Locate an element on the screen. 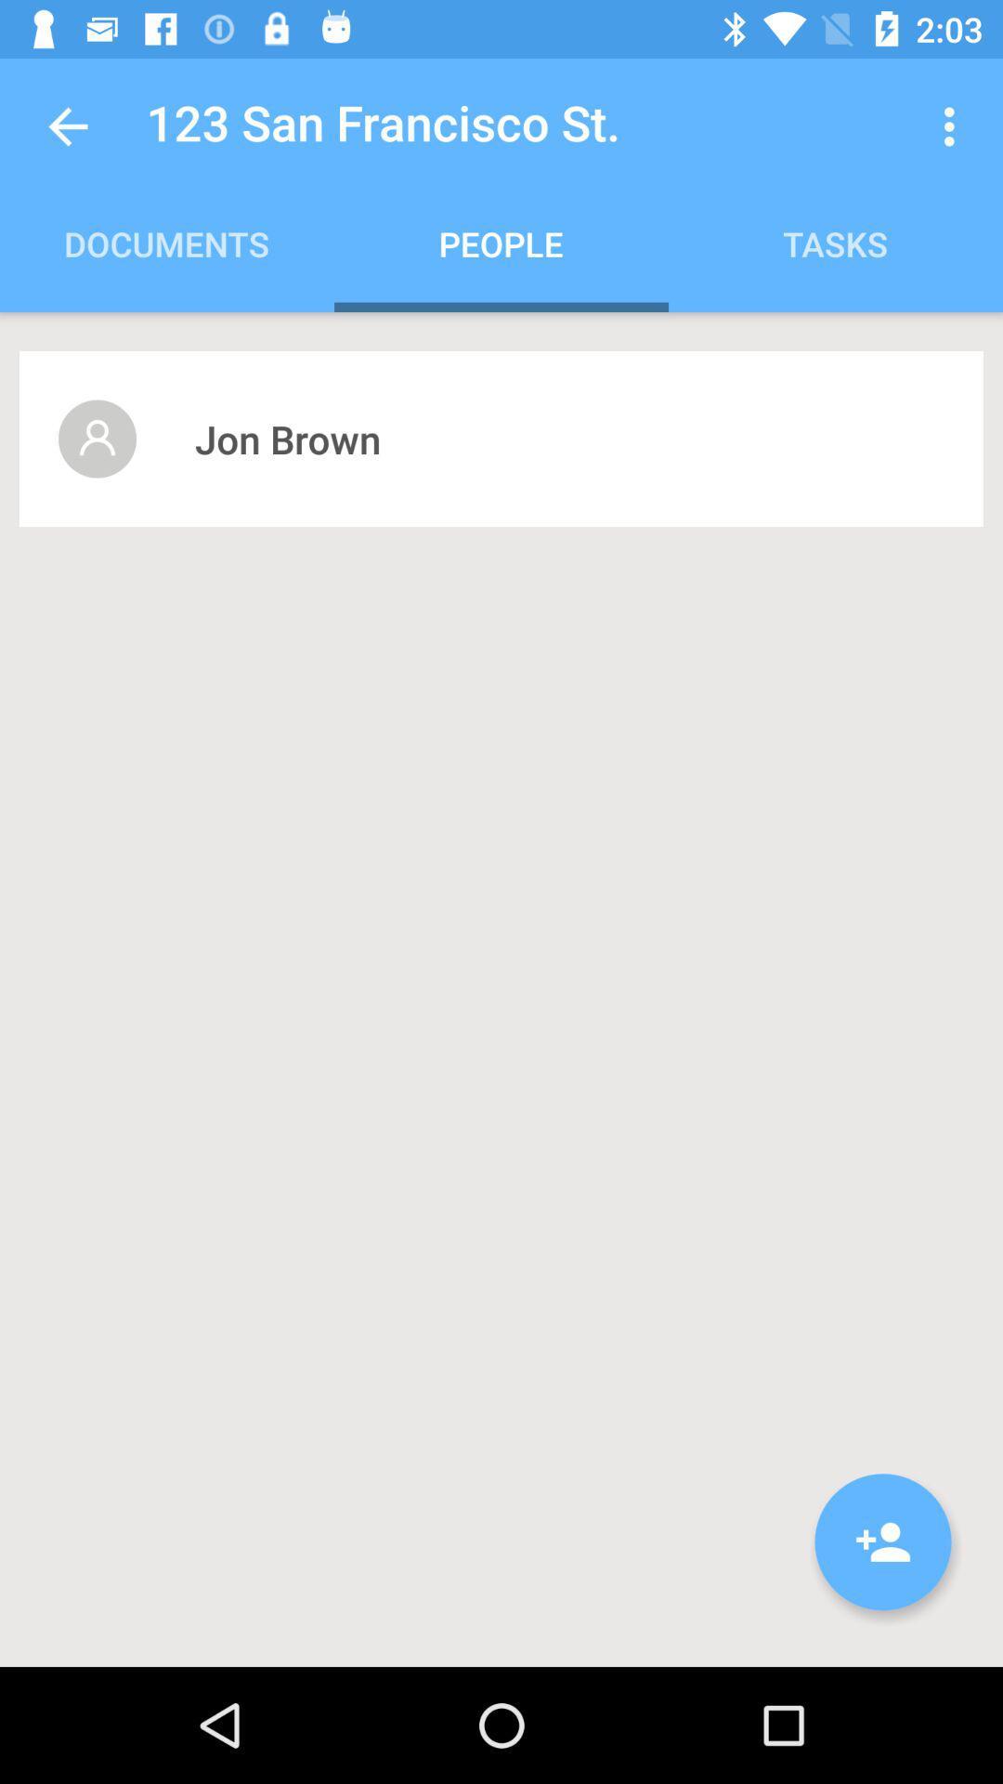 The width and height of the screenshot is (1003, 1784). the icon to the left of 123 san francisco item is located at coordinates (67, 125).